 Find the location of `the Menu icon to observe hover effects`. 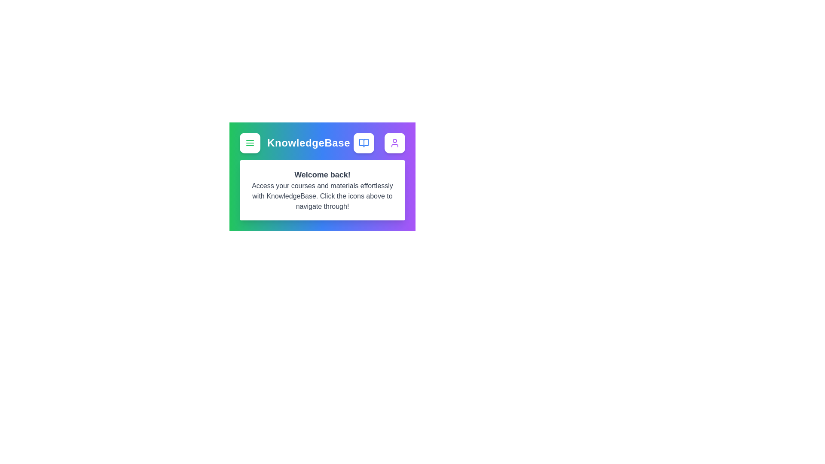

the Menu icon to observe hover effects is located at coordinates (249, 142).